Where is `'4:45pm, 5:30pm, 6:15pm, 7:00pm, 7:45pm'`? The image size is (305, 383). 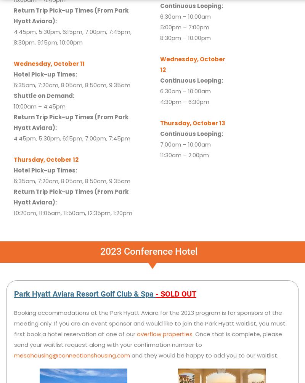
'4:45pm, 5:30pm, 6:15pm, 7:00pm, 7:45pm' is located at coordinates (71, 137).